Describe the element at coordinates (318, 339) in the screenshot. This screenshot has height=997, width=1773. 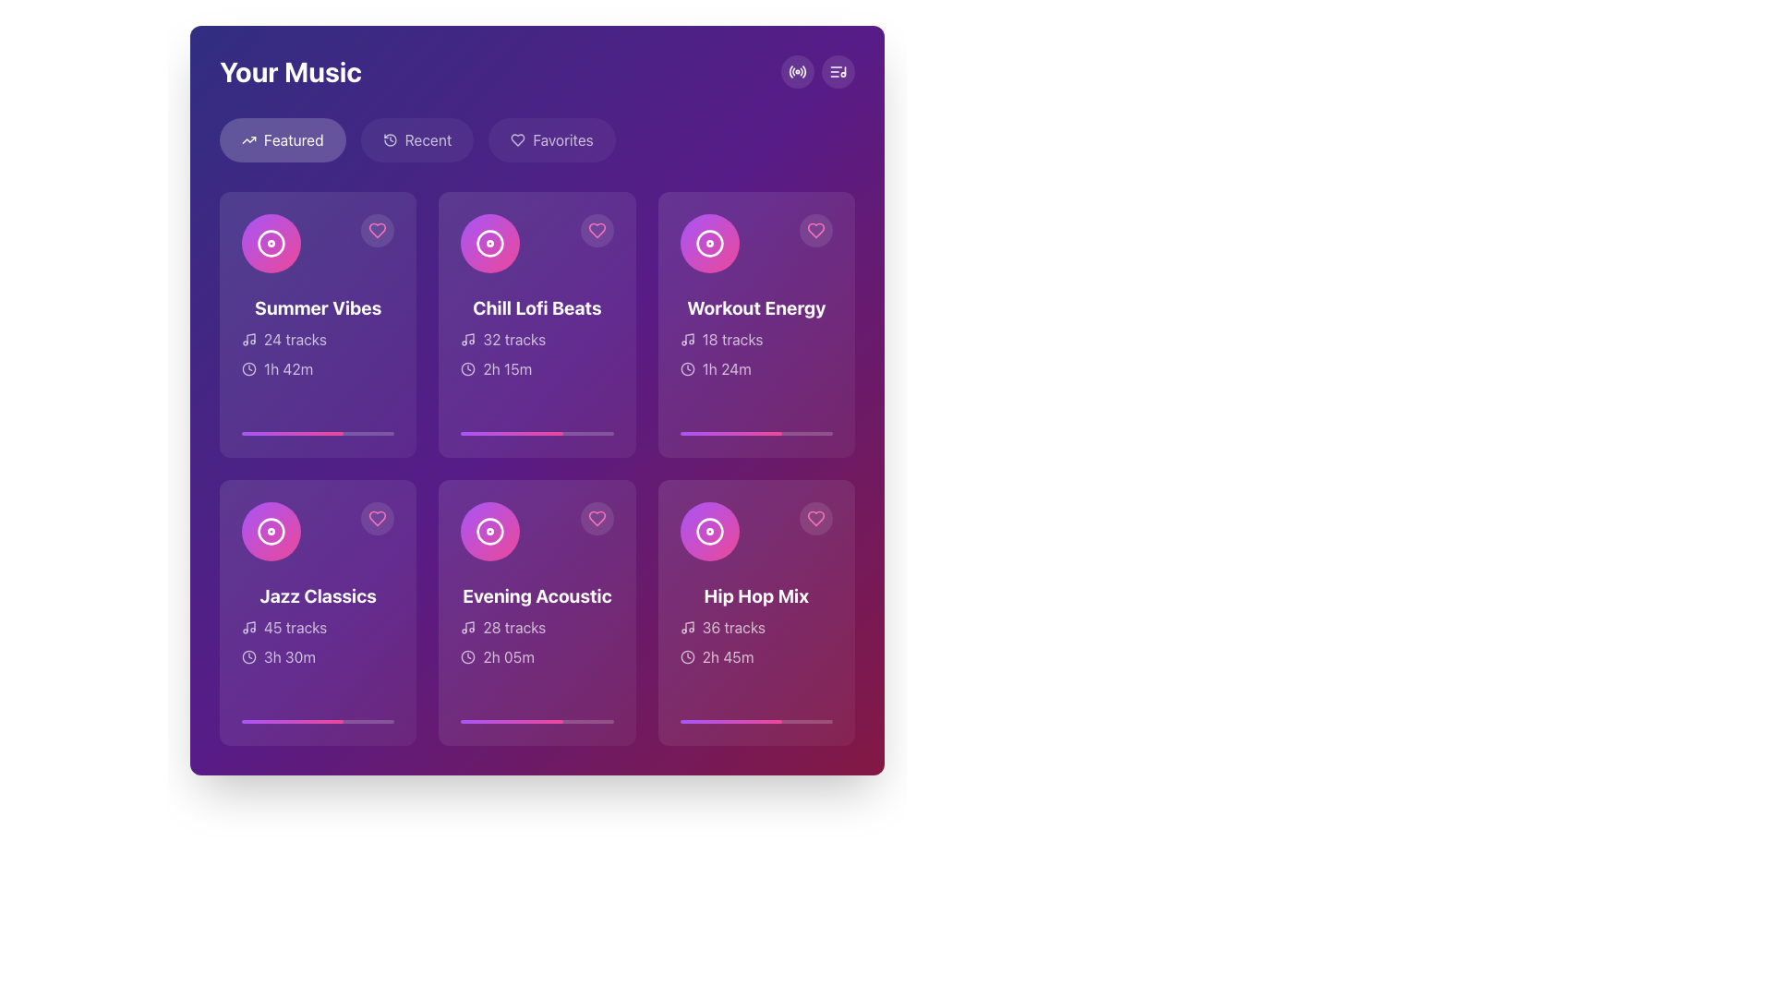
I see `the text label that reads '24 tracks', which is styled with a semi-transparent white font and positioned below the heading 'Summer Vibes'` at that location.